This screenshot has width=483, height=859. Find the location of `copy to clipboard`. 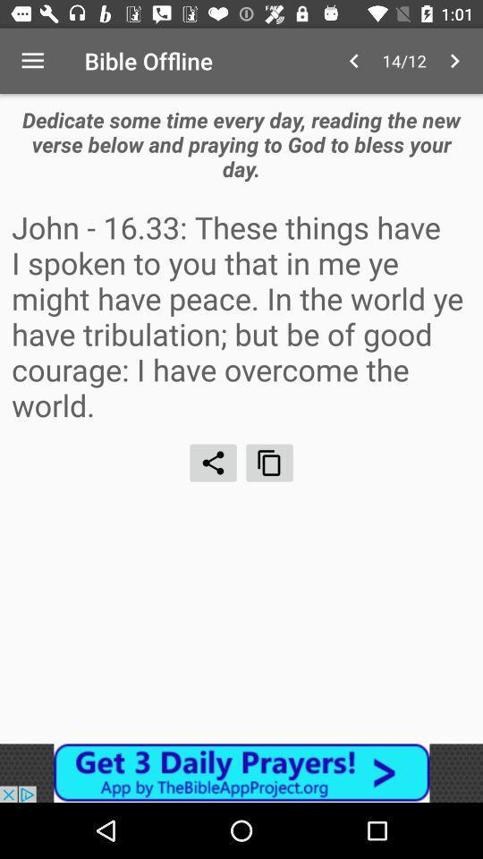

copy to clipboard is located at coordinates (268, 462).